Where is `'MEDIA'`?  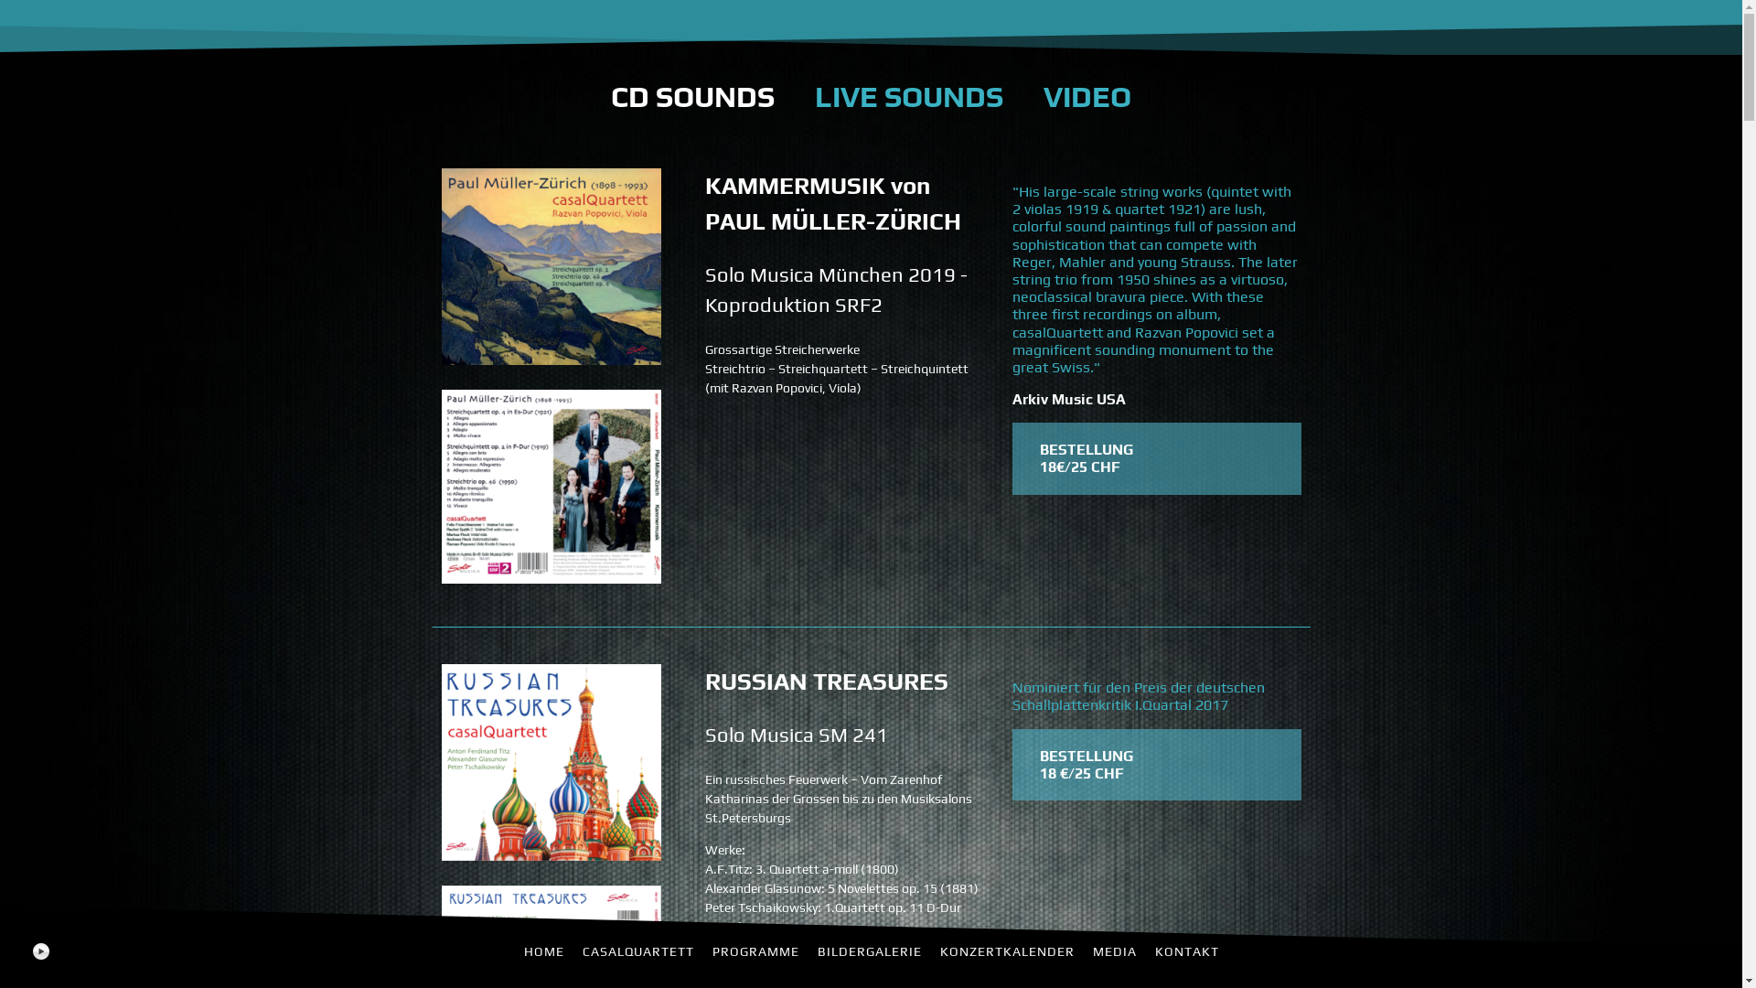 'MEDIA' is located at coordinates (1113, 950).